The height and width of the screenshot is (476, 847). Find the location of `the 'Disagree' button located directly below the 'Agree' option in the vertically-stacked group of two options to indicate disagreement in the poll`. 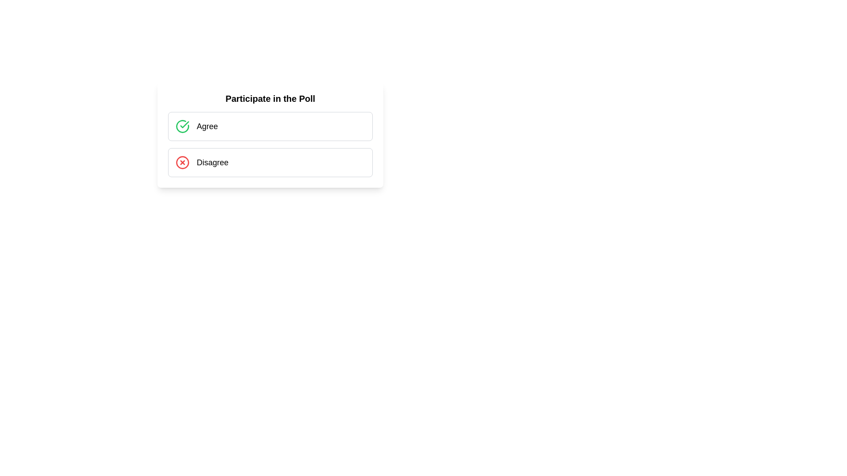

the 'Disagree' button located directly below the 'Agree' option in the vertically-stacked group of two options to indicate disagreement in the poll is located at coordinates (270, 163).